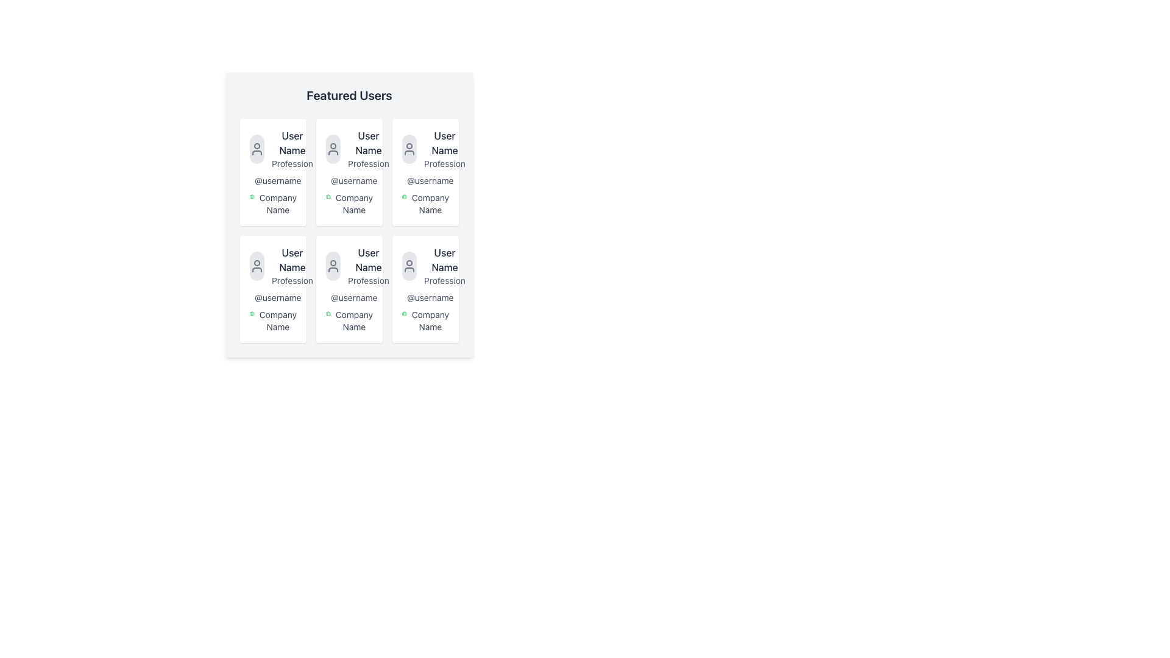  Describe the element at coordinates (277, 203) in the screenshot. I see `text label displaying 'Company Name' located at the bottom of the first user card in the 'Featured Users' grid` at that location.